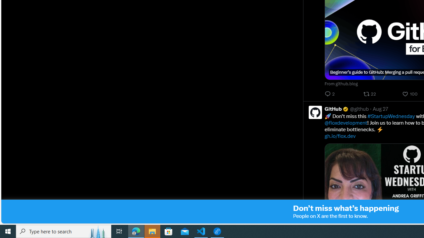 This screenshot has width=424, height=238. Describe the element at coordinates (380, 108) in the screenshot. I see `'Aug 27'` at that location.